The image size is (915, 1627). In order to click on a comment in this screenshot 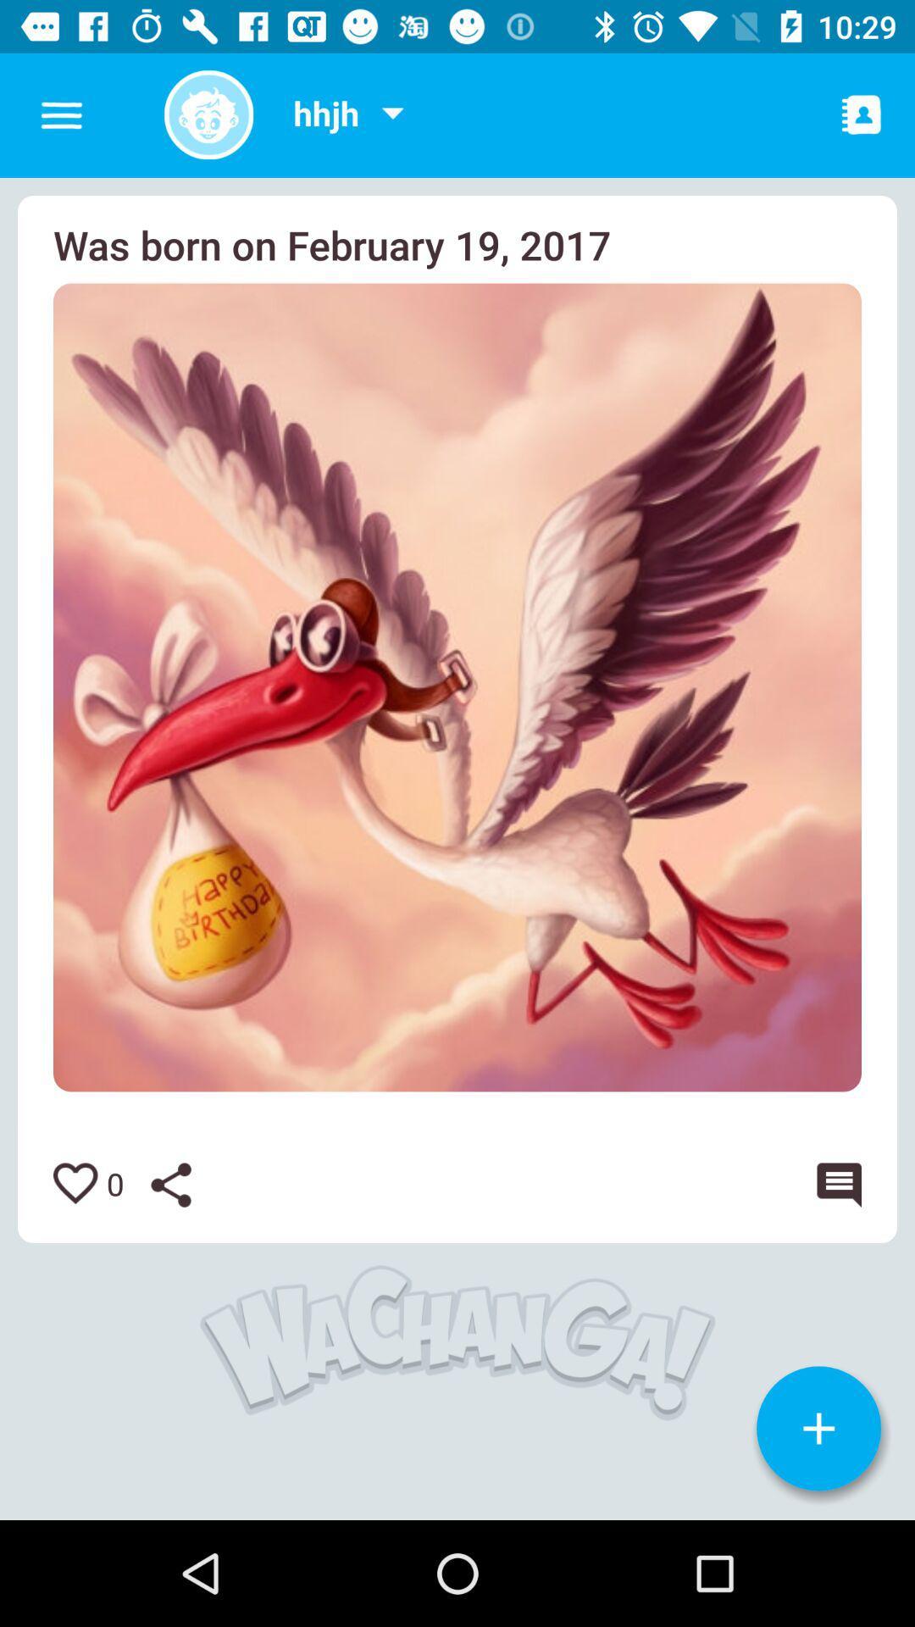, I will do `click(834, 1184)`.